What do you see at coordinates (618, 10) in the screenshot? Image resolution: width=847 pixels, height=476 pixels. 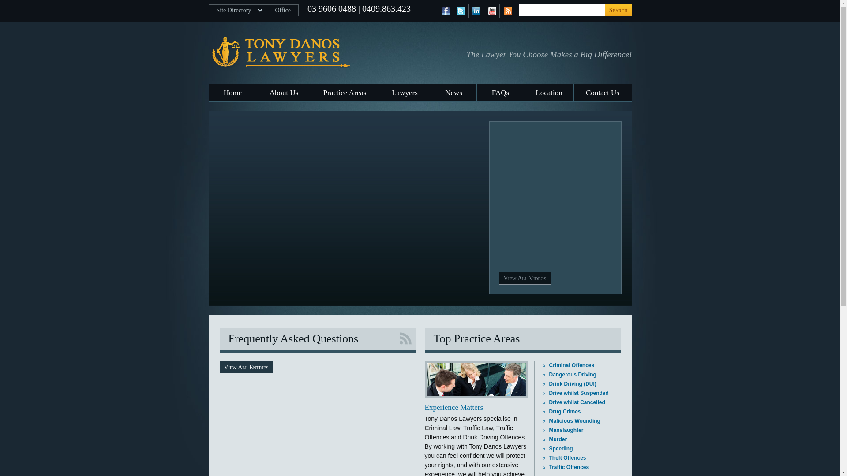 I see `'Search'` at bounding box center [618, 10].